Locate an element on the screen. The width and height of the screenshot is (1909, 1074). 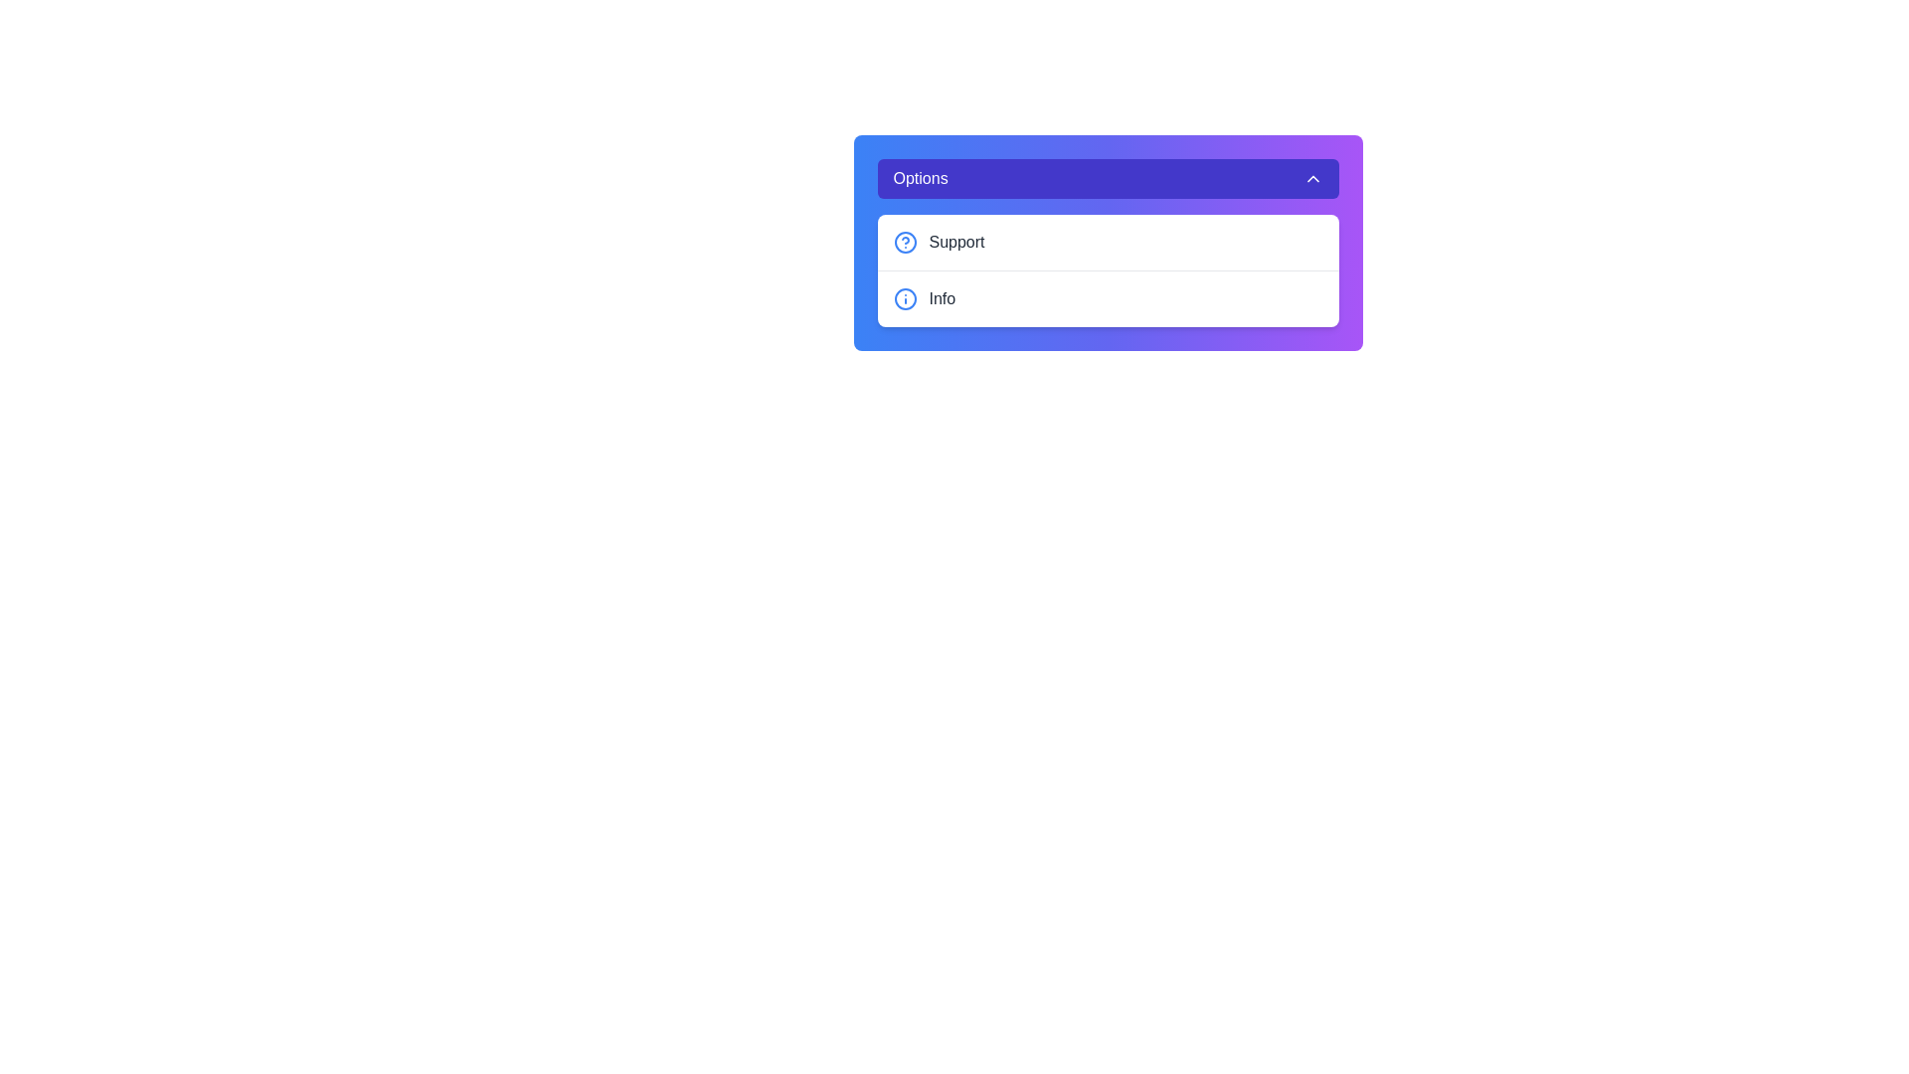
the small upward-pointing chevron icon located at the far right side of the 'Options' button interface for interaction feedback is located at coordinates (1312, 179).